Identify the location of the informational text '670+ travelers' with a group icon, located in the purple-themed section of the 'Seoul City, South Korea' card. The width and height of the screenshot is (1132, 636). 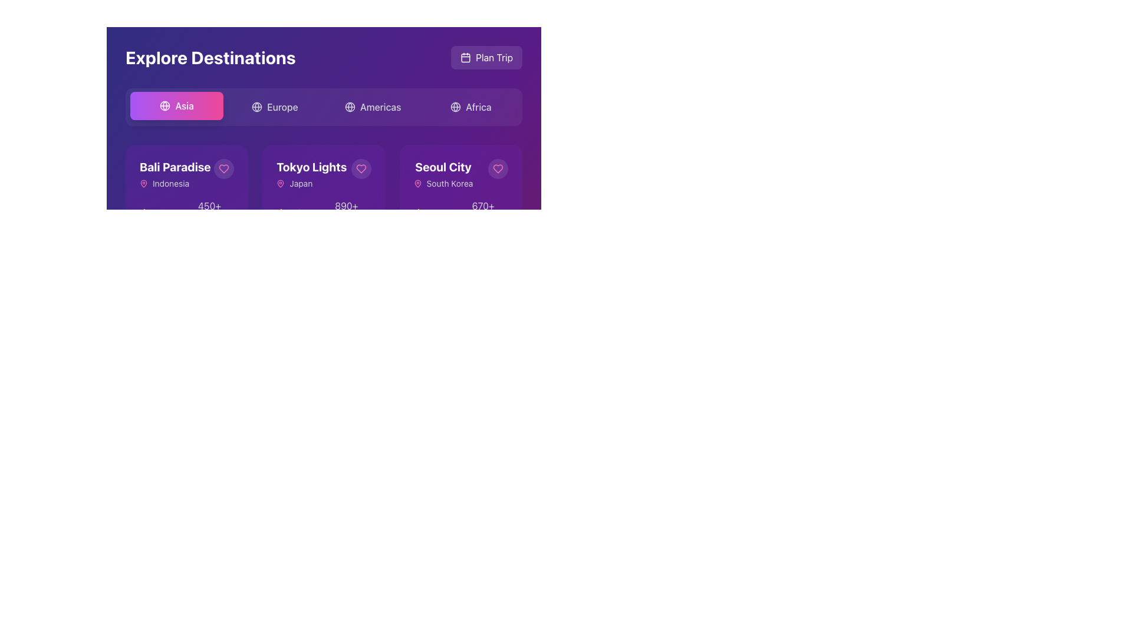
(478, 213).